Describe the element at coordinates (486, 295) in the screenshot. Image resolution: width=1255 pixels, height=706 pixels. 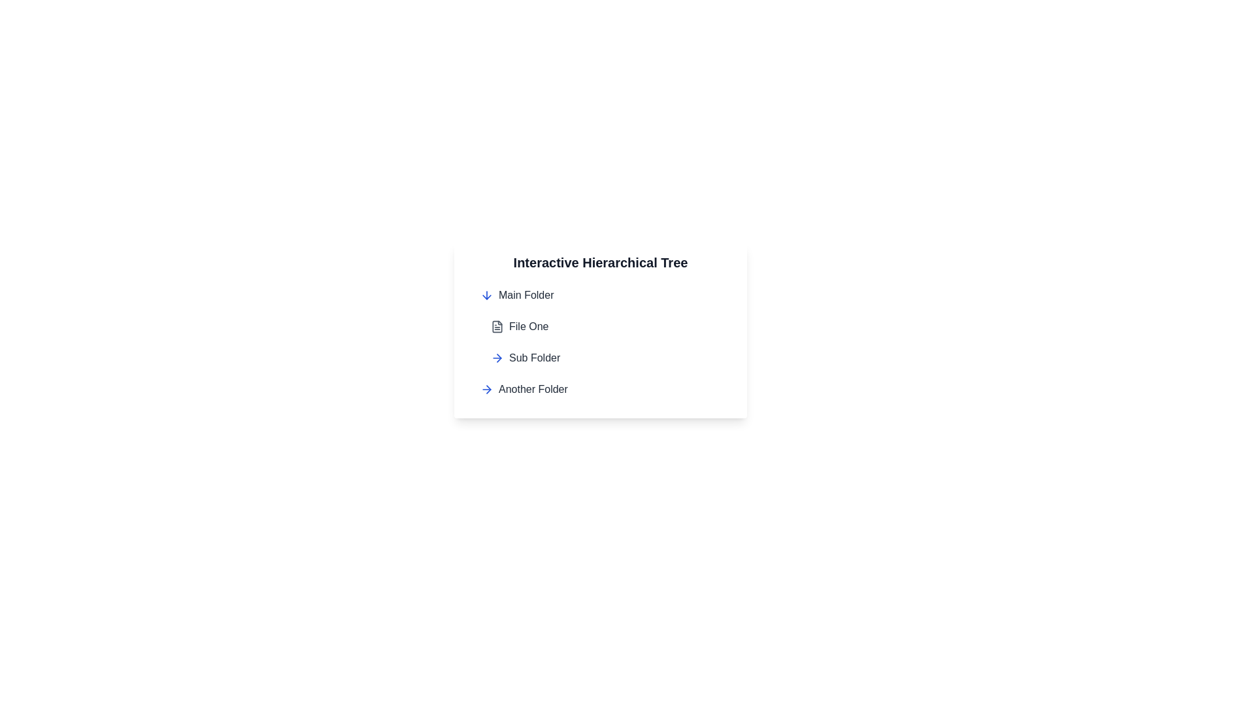
I see `the blue downward arrow icon located next to the 'Main Folder' text, which is part of the horizontal layout in the 'Main Folder' row` at that location.